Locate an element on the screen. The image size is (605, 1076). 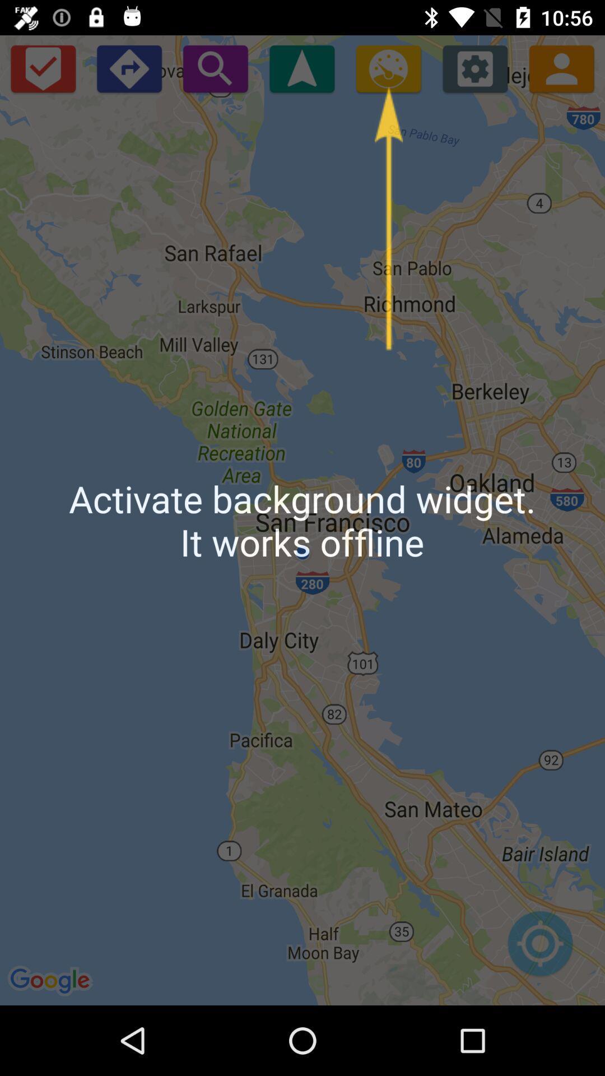
background widget is located at coordinates (301, 68).